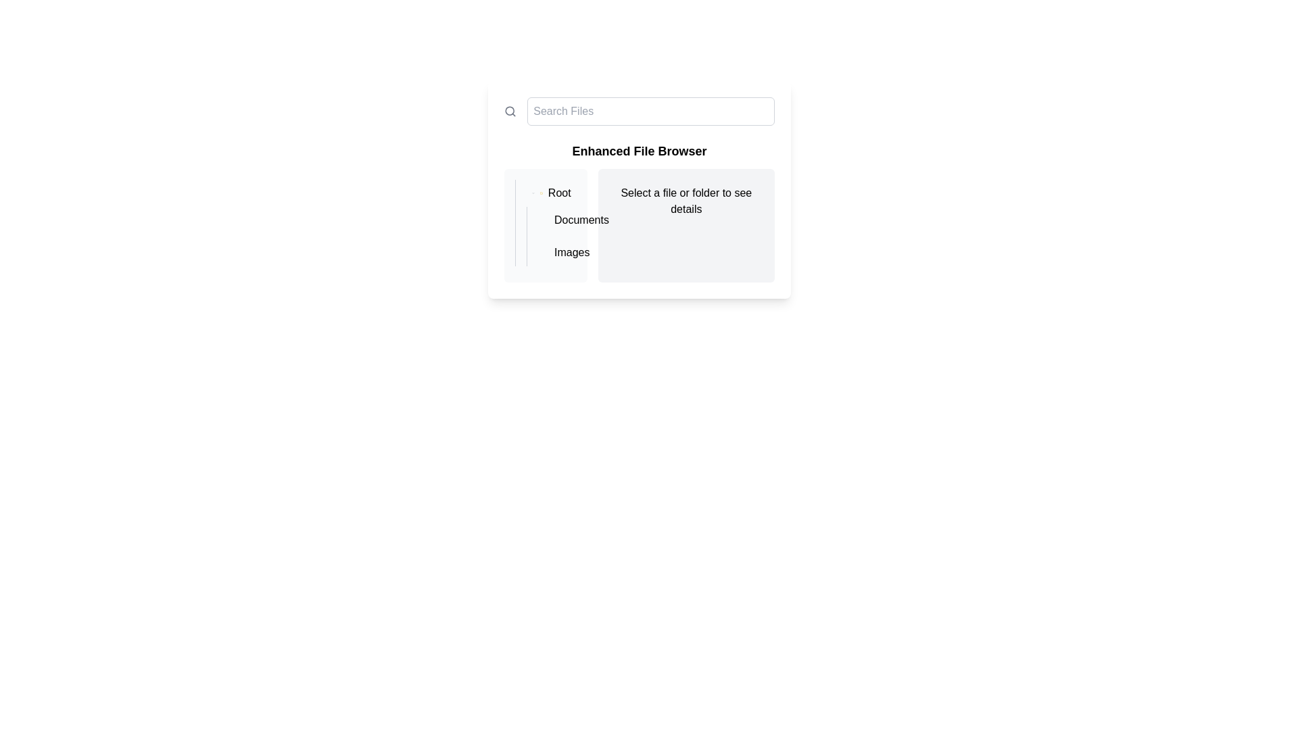  I want to click on the 'Images' text label located under the 'Documents' folder in the file structure tree, so click(572, 253).